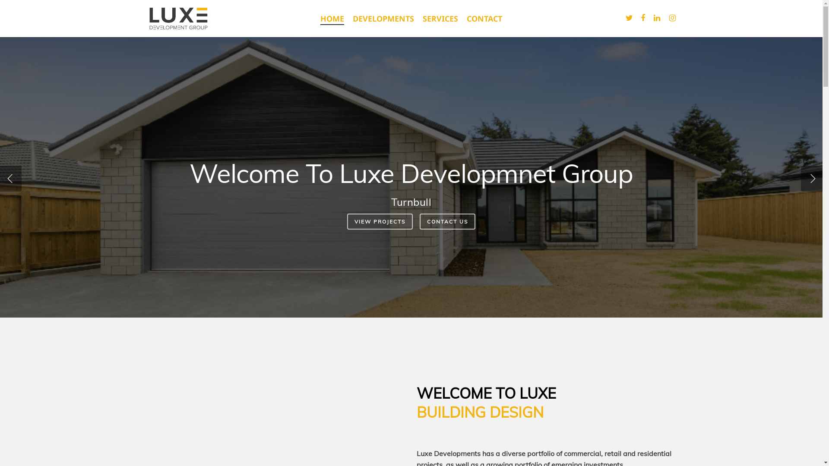 Image resolution: width=829 pixels, height=466 pixels. Describe the element at coordinates (332, 18) in the screenshot. I see `'HOME'` at that location.